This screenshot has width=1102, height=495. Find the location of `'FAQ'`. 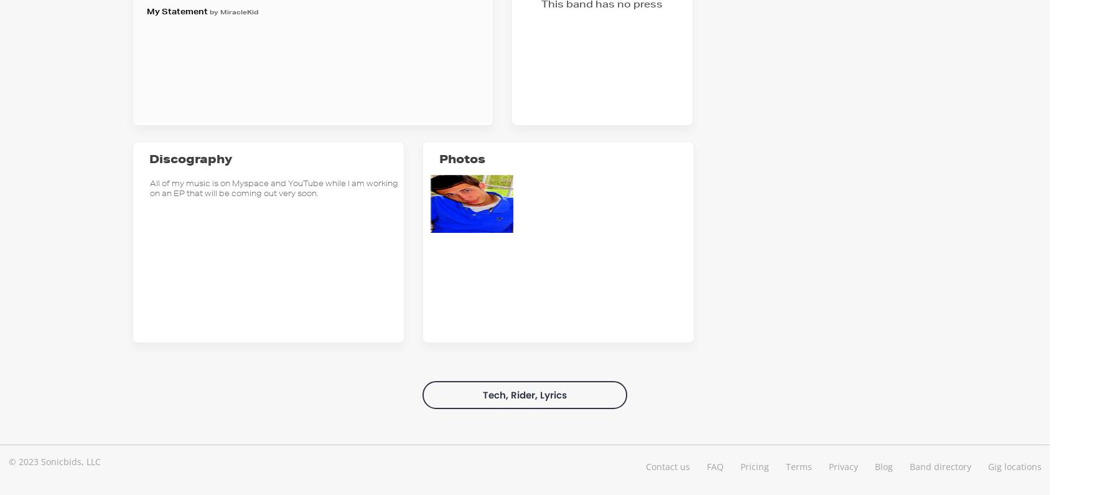

'FAQ' is located at coordinates (706, 465).